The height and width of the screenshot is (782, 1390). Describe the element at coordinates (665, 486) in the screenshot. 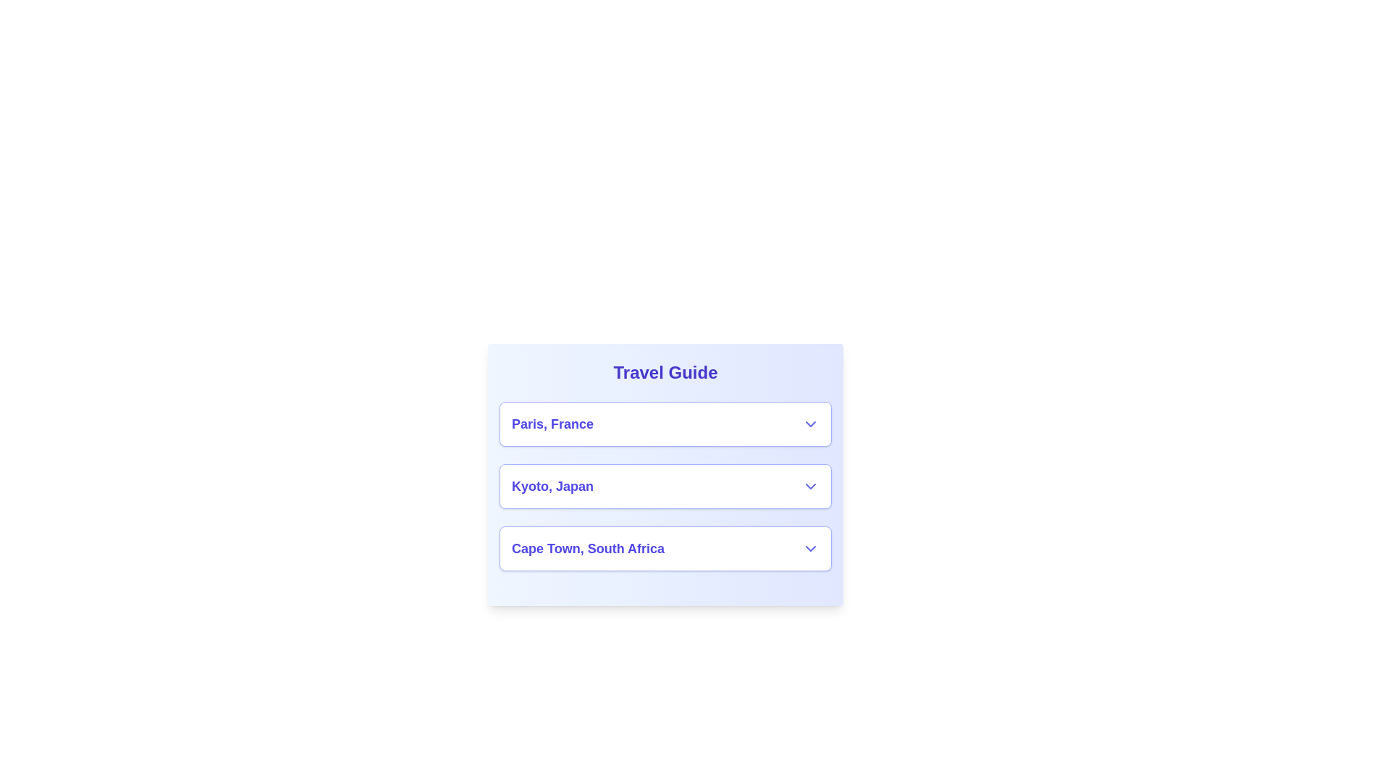

I see `the dropdown menu labeled 'Kyoto, Japan'` at that location.